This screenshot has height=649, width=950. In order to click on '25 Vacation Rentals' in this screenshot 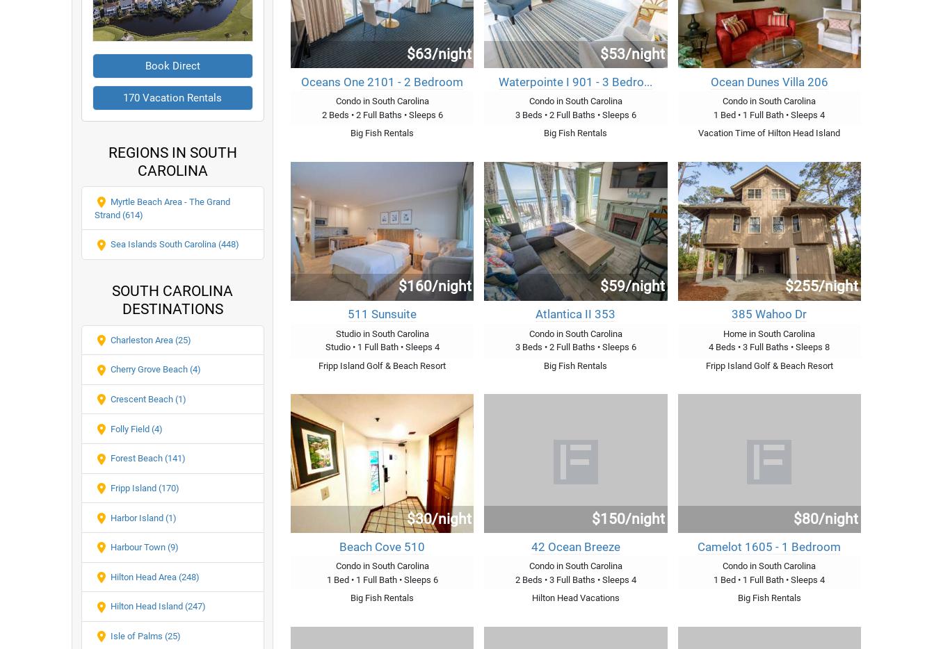, I will do `click(395, 208)`.